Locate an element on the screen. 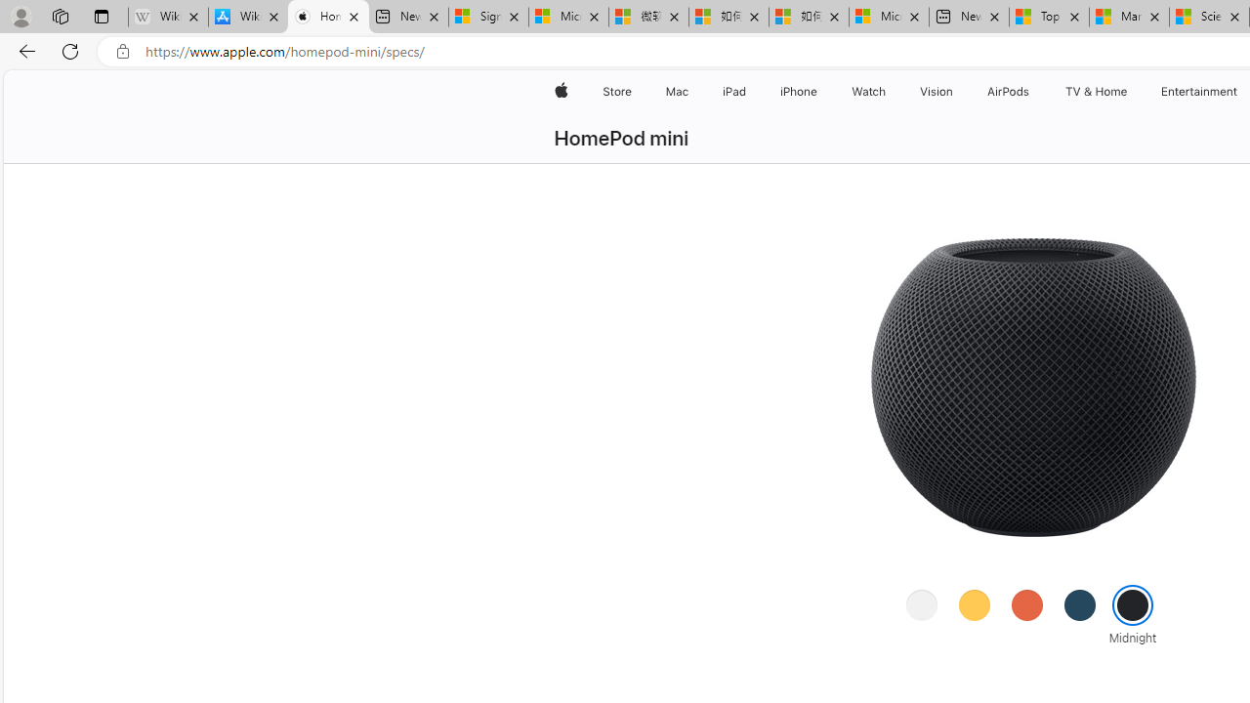 This screenshot has height=703, width=1250. 'Vision' is located at coordinates (937, 91).